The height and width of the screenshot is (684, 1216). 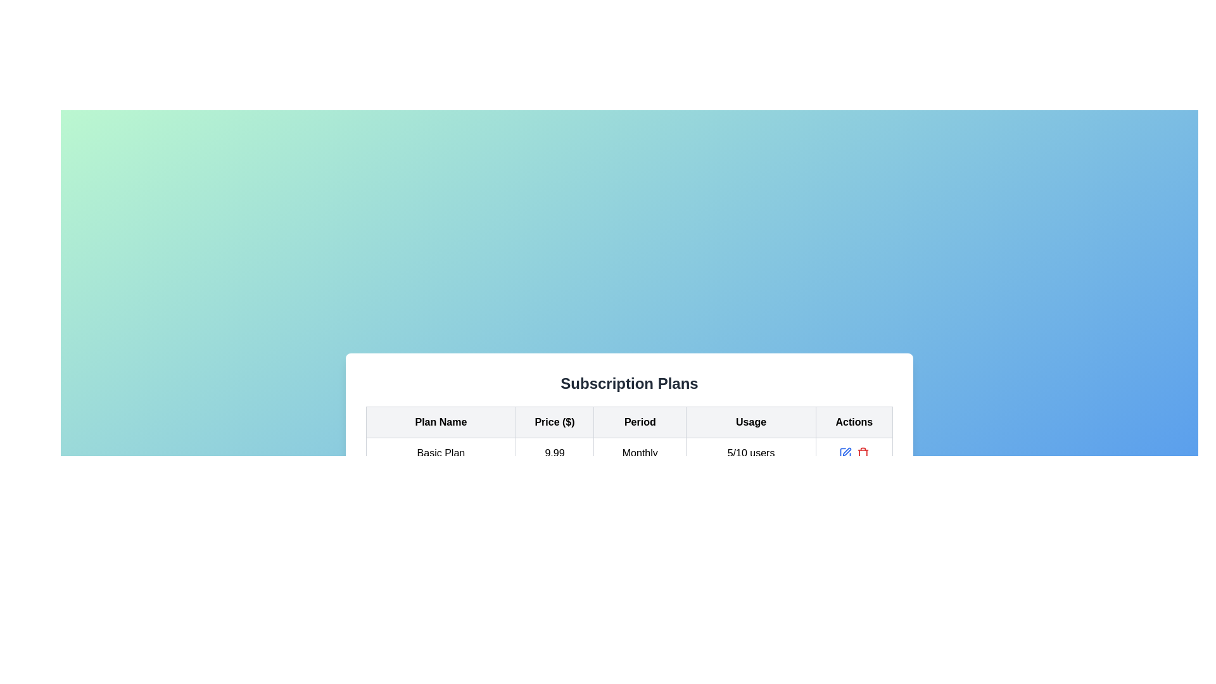 I want to click on the 'Basic Plan' text label, which is styled with padding and a thin gray border, located in the 'Plan Name' column of the subscription plans table, so click(x=441, y=452).